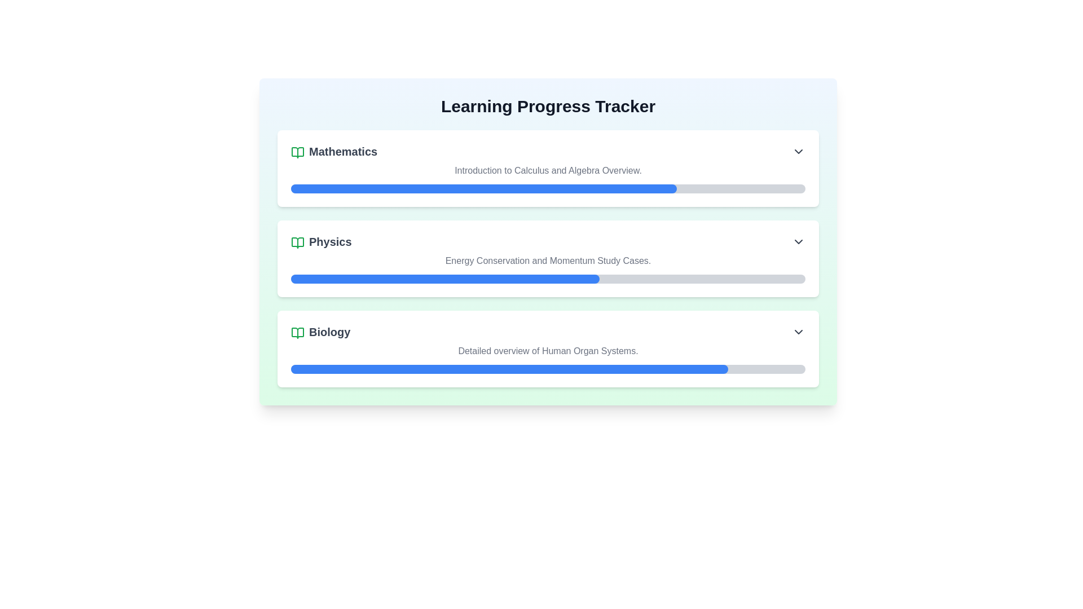 The width and height of the screenshot is (1083, 609). I want to click on contents of the text element that serves as a subheading or description for the 'Physics' section, located below the 'Physics' heading and above a progress bar, so click(548, 261).